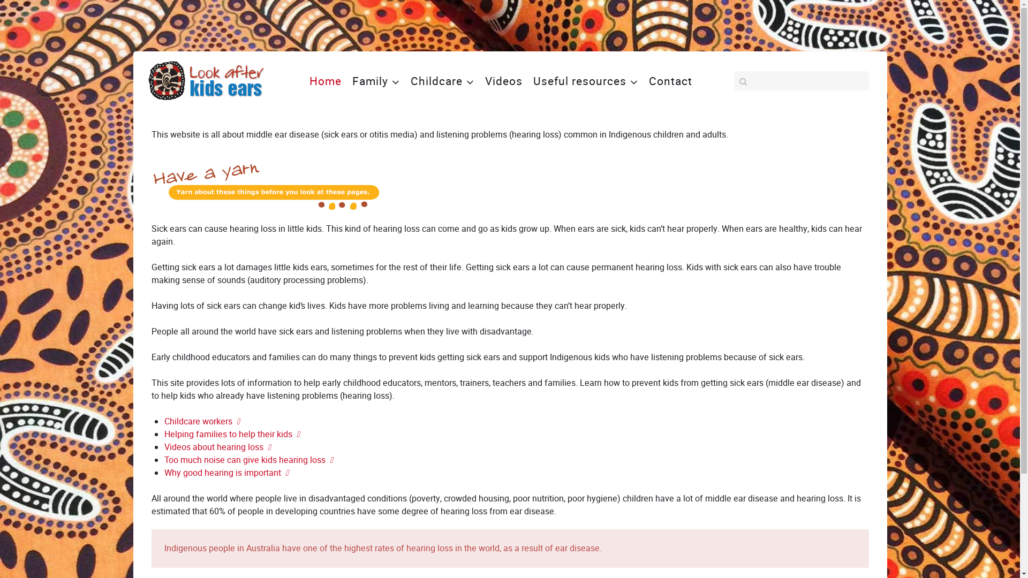 The width and height of the screenshot is (1028, 578). I want to click on 'Childcare workers', so click(201, 421).